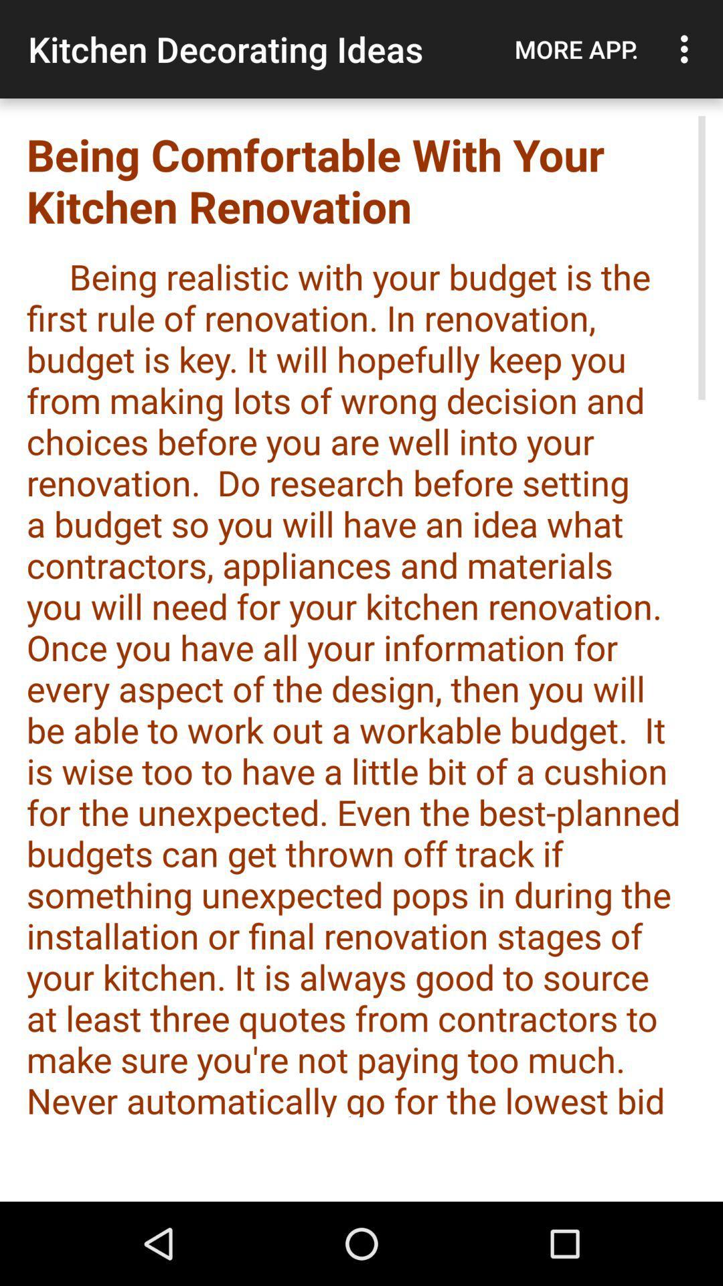  I want to click on icon to the right of the kitchen decorating ideas app, so click(576, 49).